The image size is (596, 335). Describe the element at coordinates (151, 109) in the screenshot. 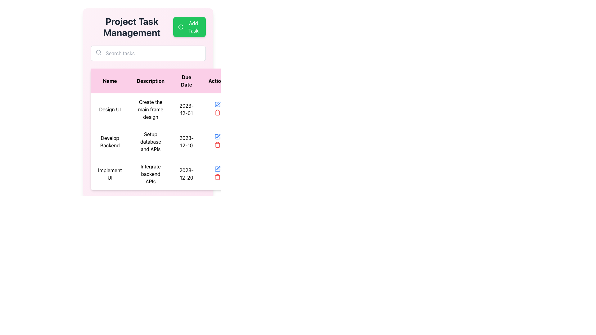

I see `the Text Label in the second column, second row of the table that provides a detailed description of the task or item associated with this row` at that location.